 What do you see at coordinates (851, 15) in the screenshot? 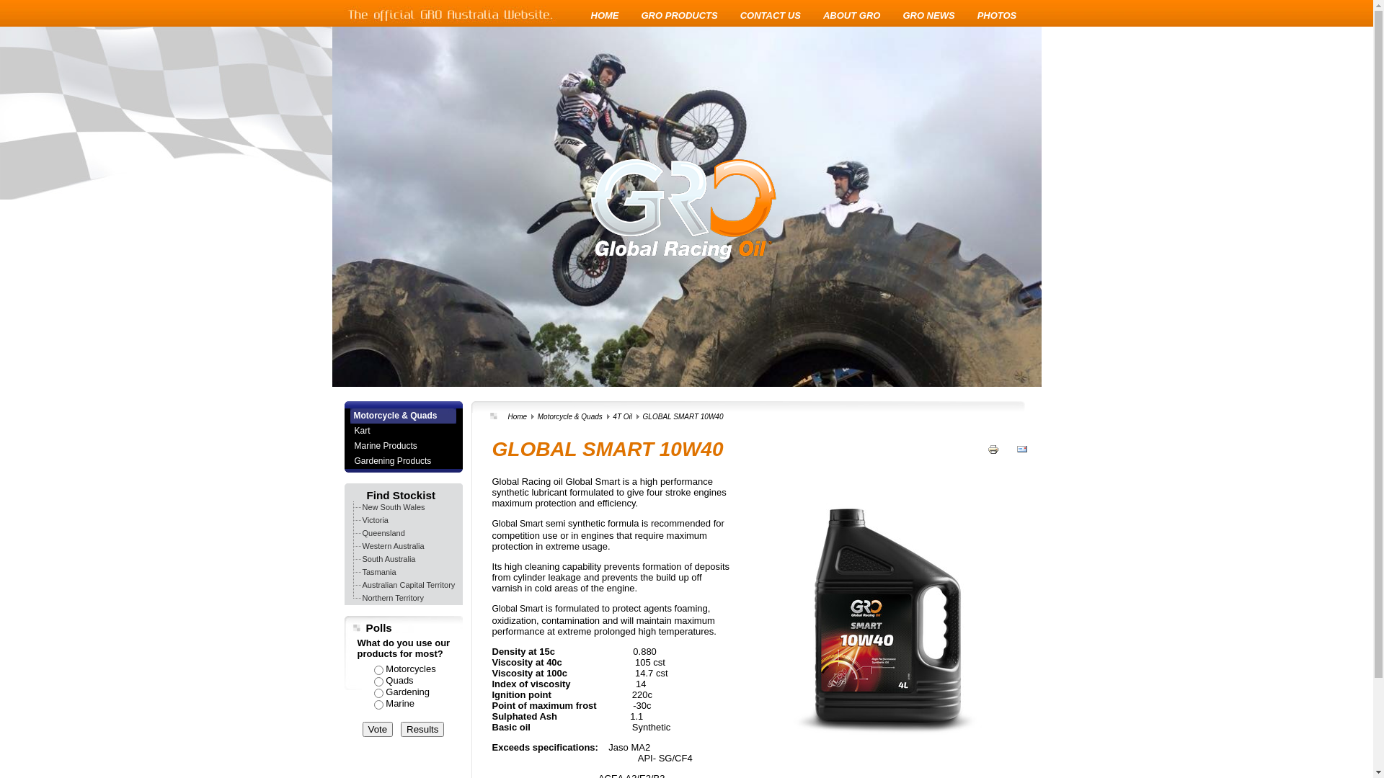
I see `'ABOUT GRO'` at bounding box center [851, 15].